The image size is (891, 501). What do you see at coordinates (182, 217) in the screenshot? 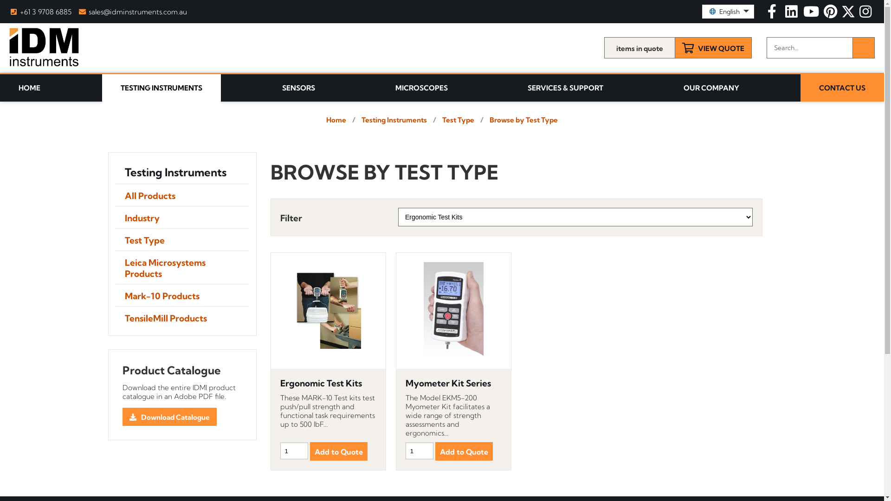
I see `'Industry'` at bounding box center [182, 217].